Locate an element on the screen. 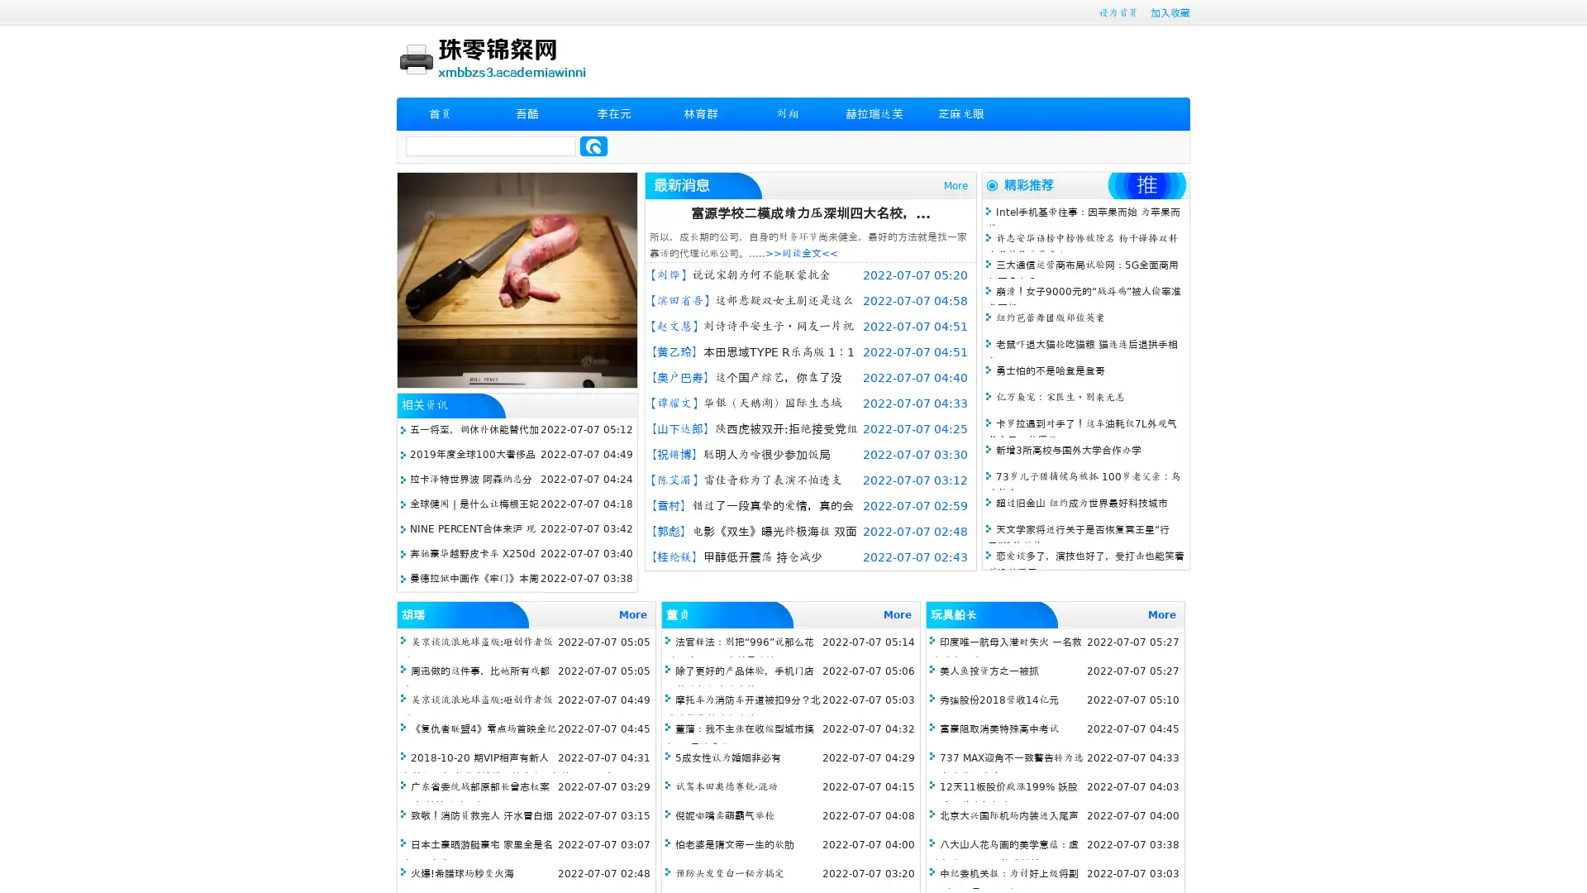 The image size is (1587, 893). Search is located at coordinates (593, 146).